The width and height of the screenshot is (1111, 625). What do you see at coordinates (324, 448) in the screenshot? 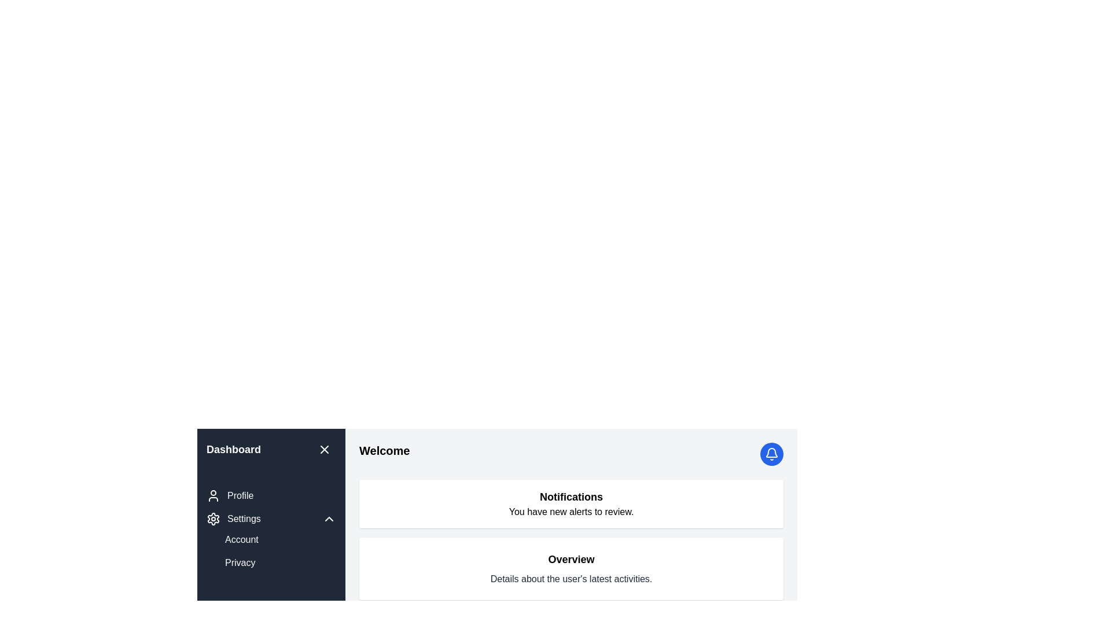
I see `the interactive icon located at the top-right corner of the left sidebar, next to the 'Dashboard' label` at bounding box center [324, 448].